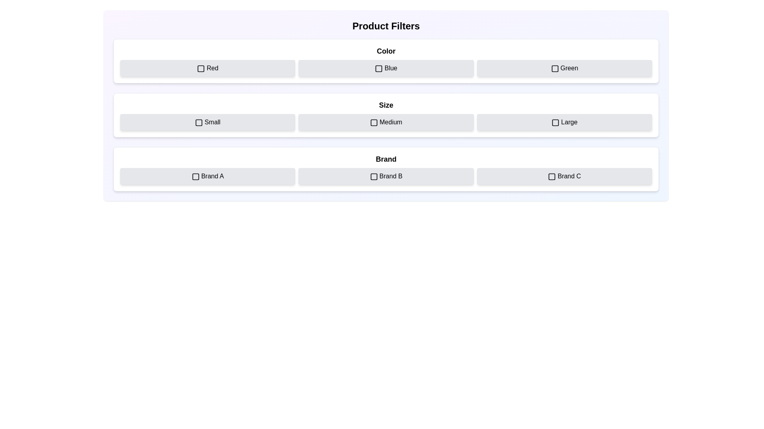 The width and height of the screenshot is (764, 429). I want to click on the 'Large' size Checkbox located in the 'Size' section, which is the third option in a three-column grid layout, so click(564, 122).